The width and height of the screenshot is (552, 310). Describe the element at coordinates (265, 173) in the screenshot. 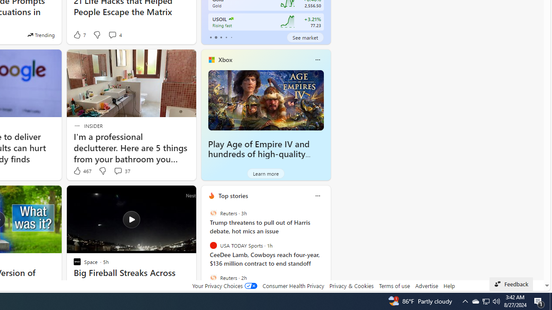

I see `'Learn more'` at that location.